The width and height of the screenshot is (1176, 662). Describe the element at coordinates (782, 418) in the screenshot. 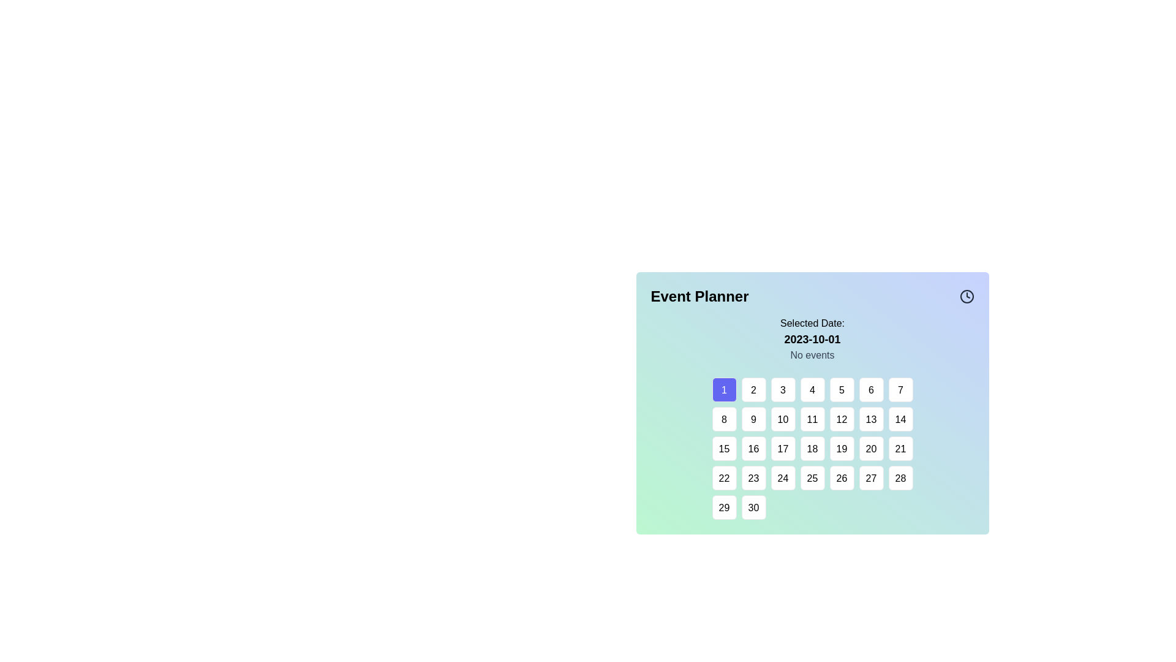

I see `the button representing the date '10' in the calendar interface` at that location.